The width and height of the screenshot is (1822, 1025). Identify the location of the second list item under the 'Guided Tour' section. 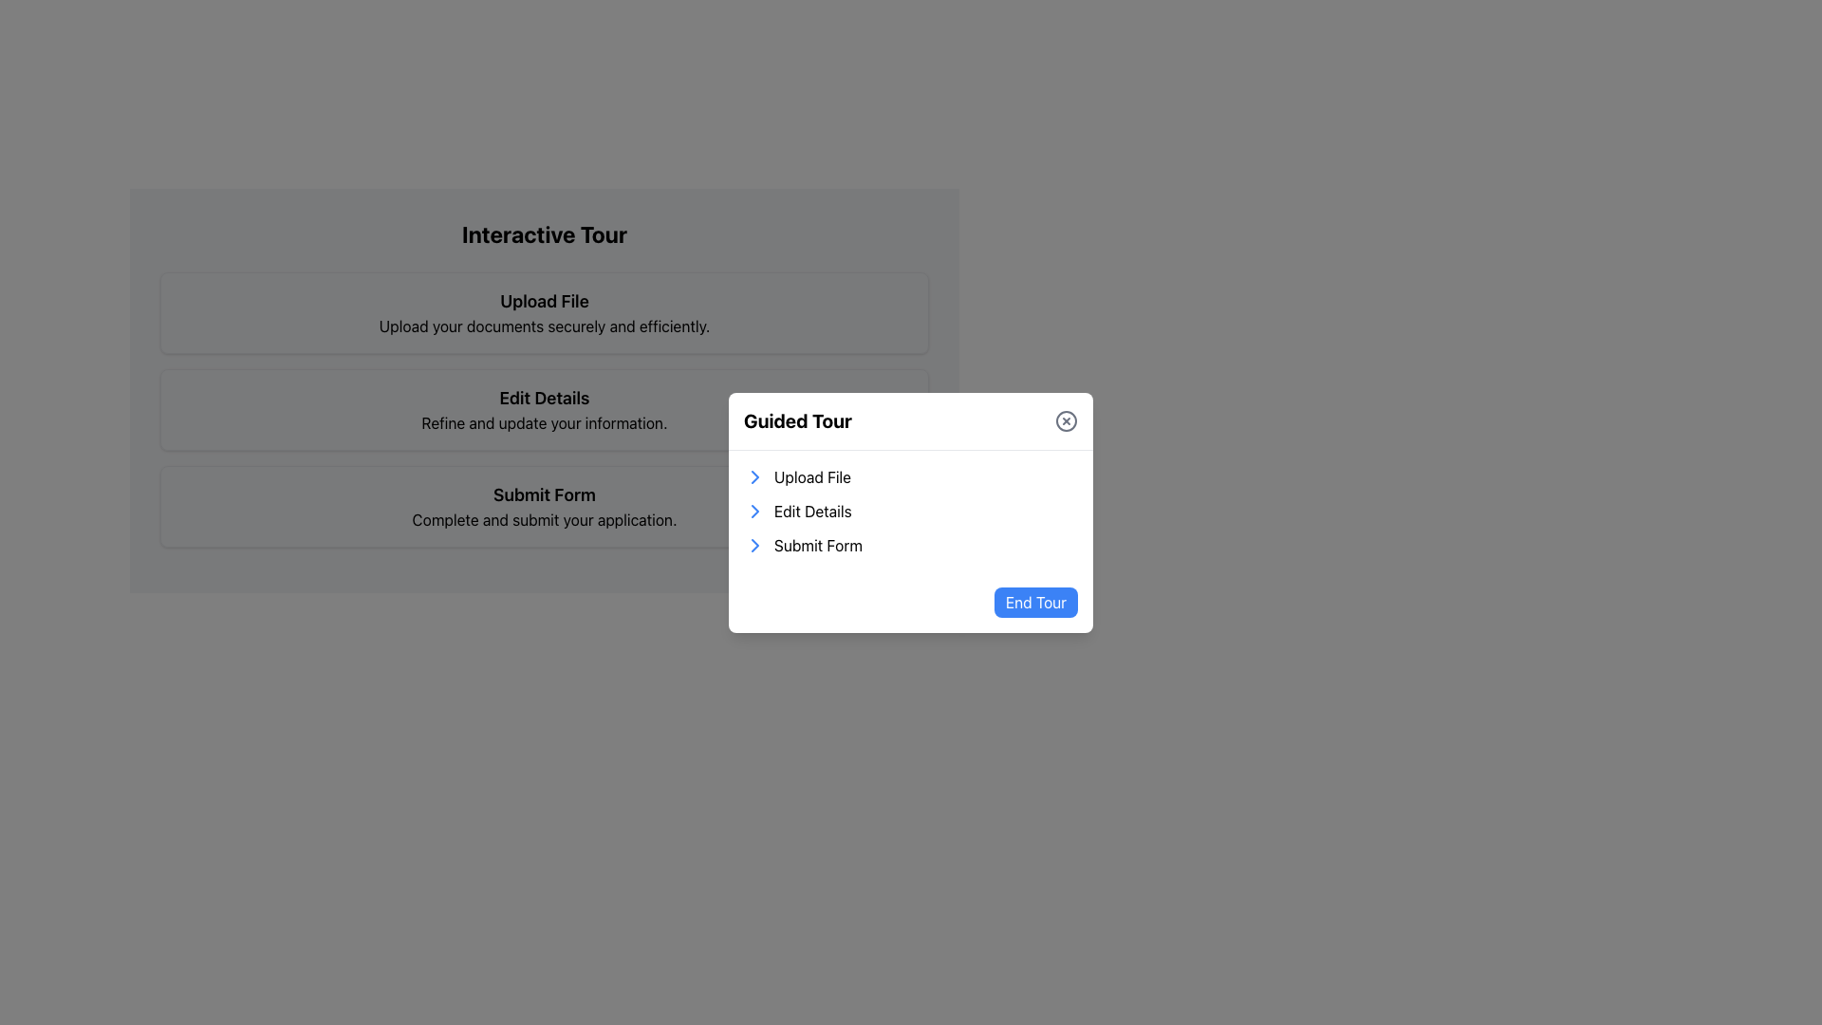
(911, 509).